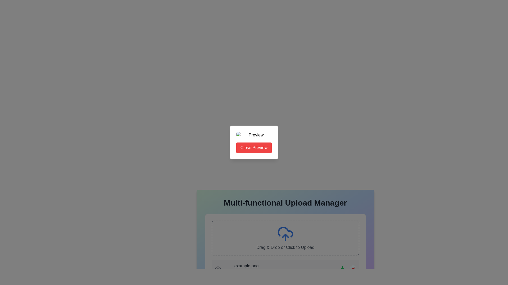 This screenshot has width=508, height=285. Describe the element at coordinates (342, 270) in the screenshot. I see `the rectangular shape with rounded corners at the bottom right of the application, which is part of an SVG icon` at that location.